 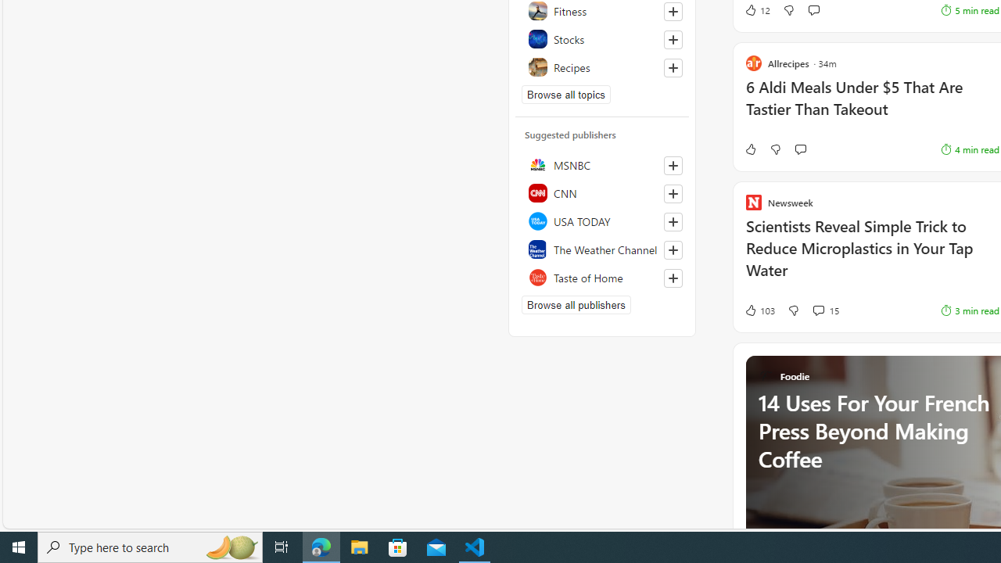 What do you see at coordinates (749, 149) in the screenshot?
I see `'Like'` at bounding box center [749, 149].